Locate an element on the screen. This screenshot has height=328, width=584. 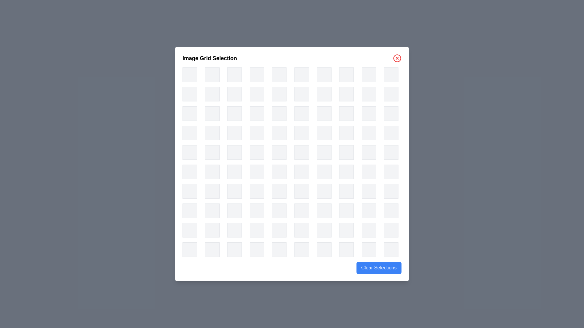
the 'Clear Selections' button to clear all selected items in the grid is located at coordinates (378, 268).